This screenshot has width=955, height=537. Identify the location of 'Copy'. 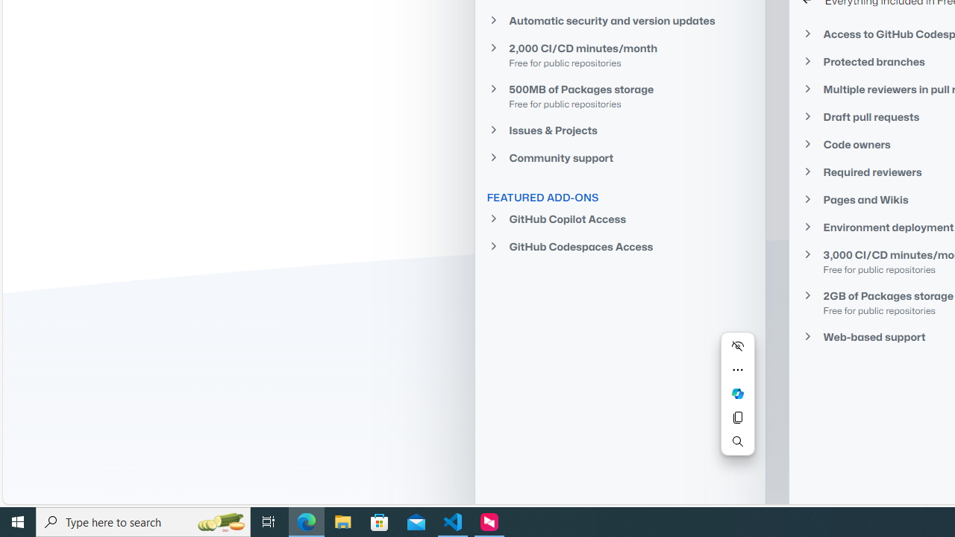
(737, 418).